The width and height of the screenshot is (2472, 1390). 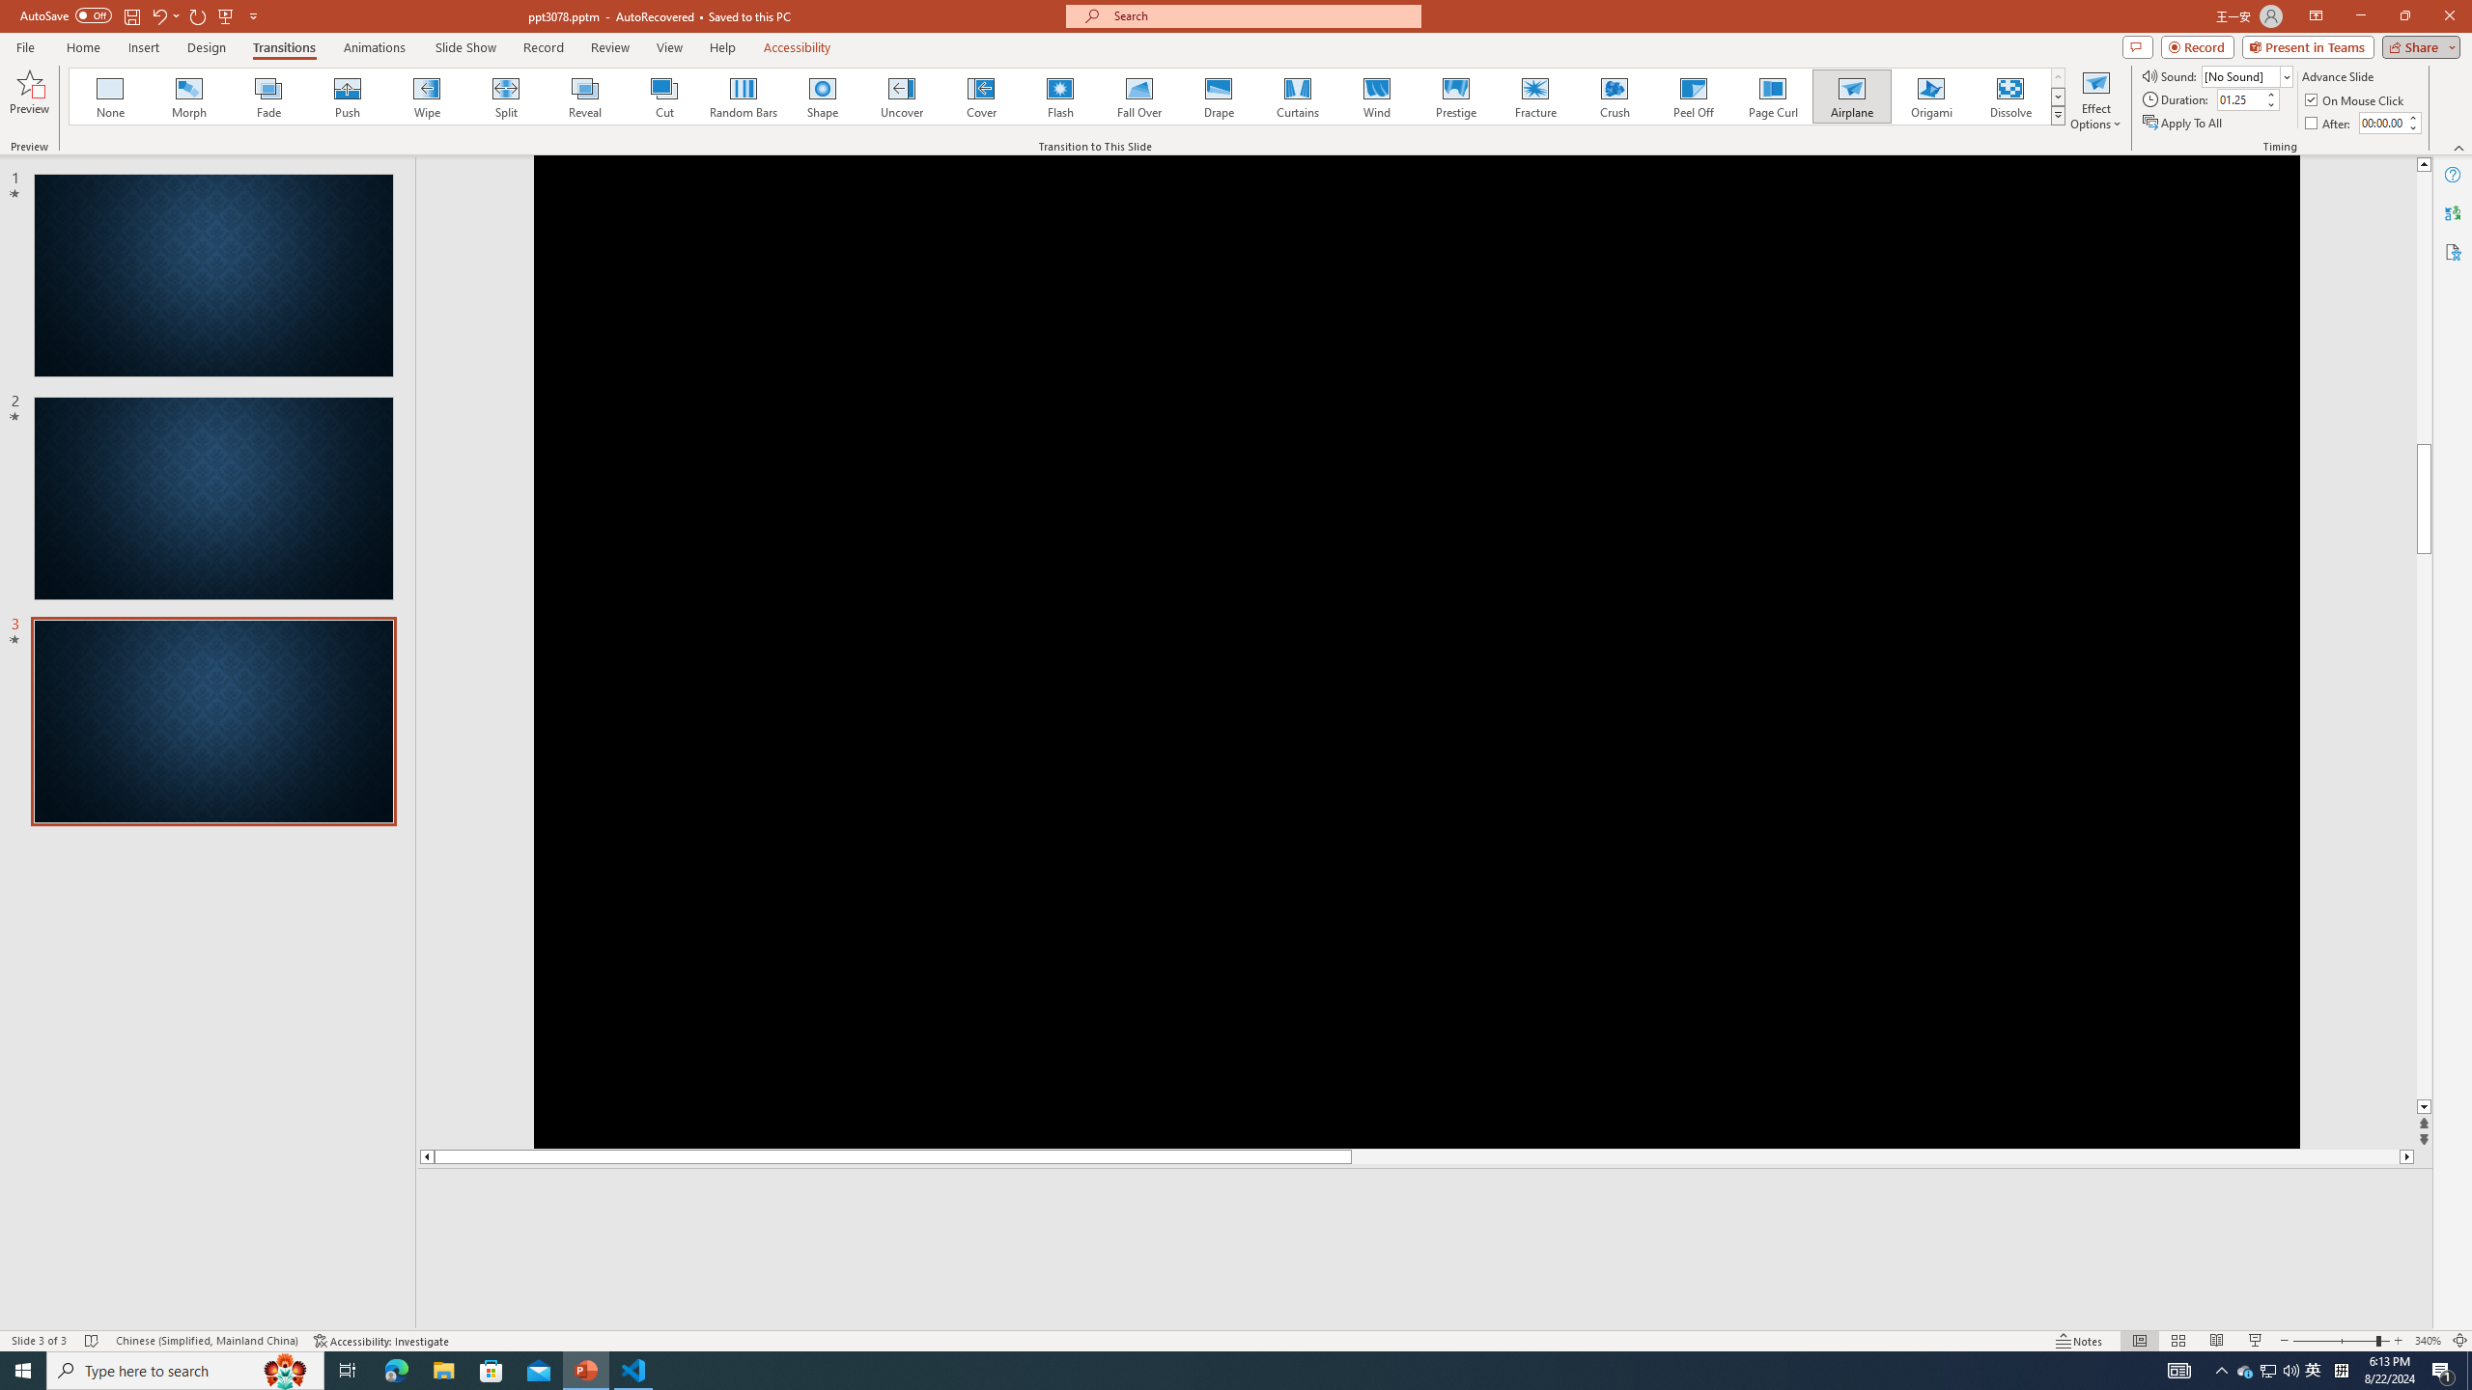 I want to click on 'Duration', so click(x=2239, y=98).